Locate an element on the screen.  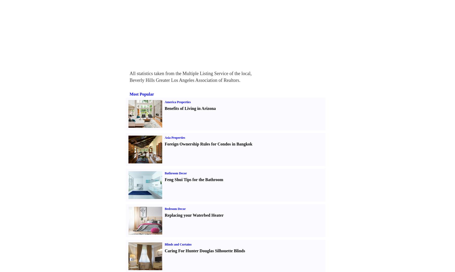
'Most Popular' is located at coordinates (129, 94).